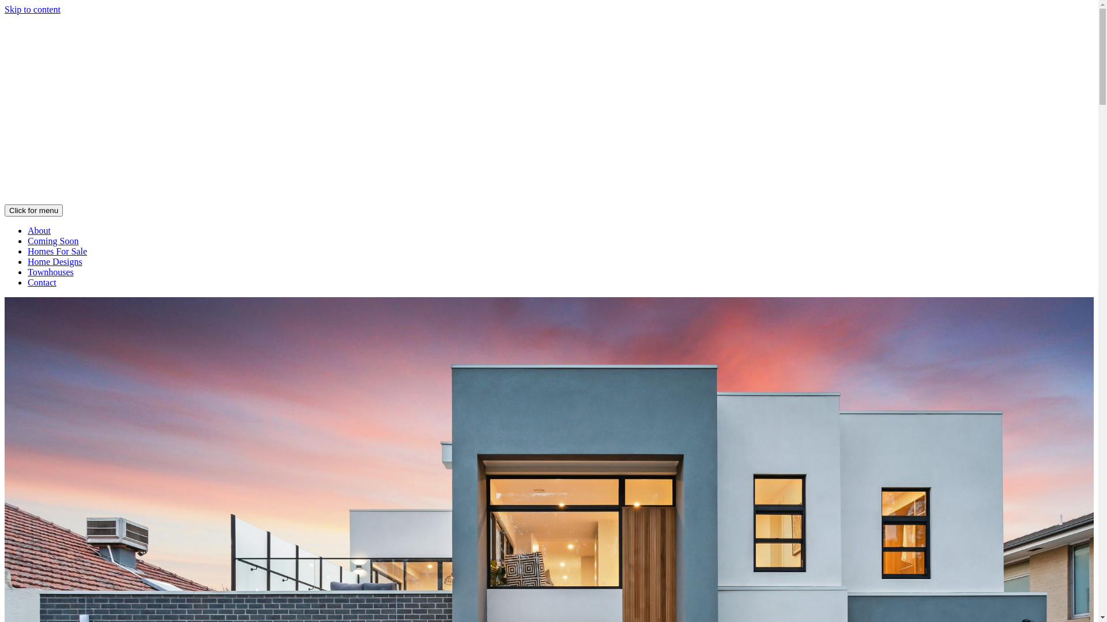 This screenshot has height=622, width=1107. What do you see at coordinates (39, 230) in the screenshot?
I see `'About'` at bounding box center [39, 230].